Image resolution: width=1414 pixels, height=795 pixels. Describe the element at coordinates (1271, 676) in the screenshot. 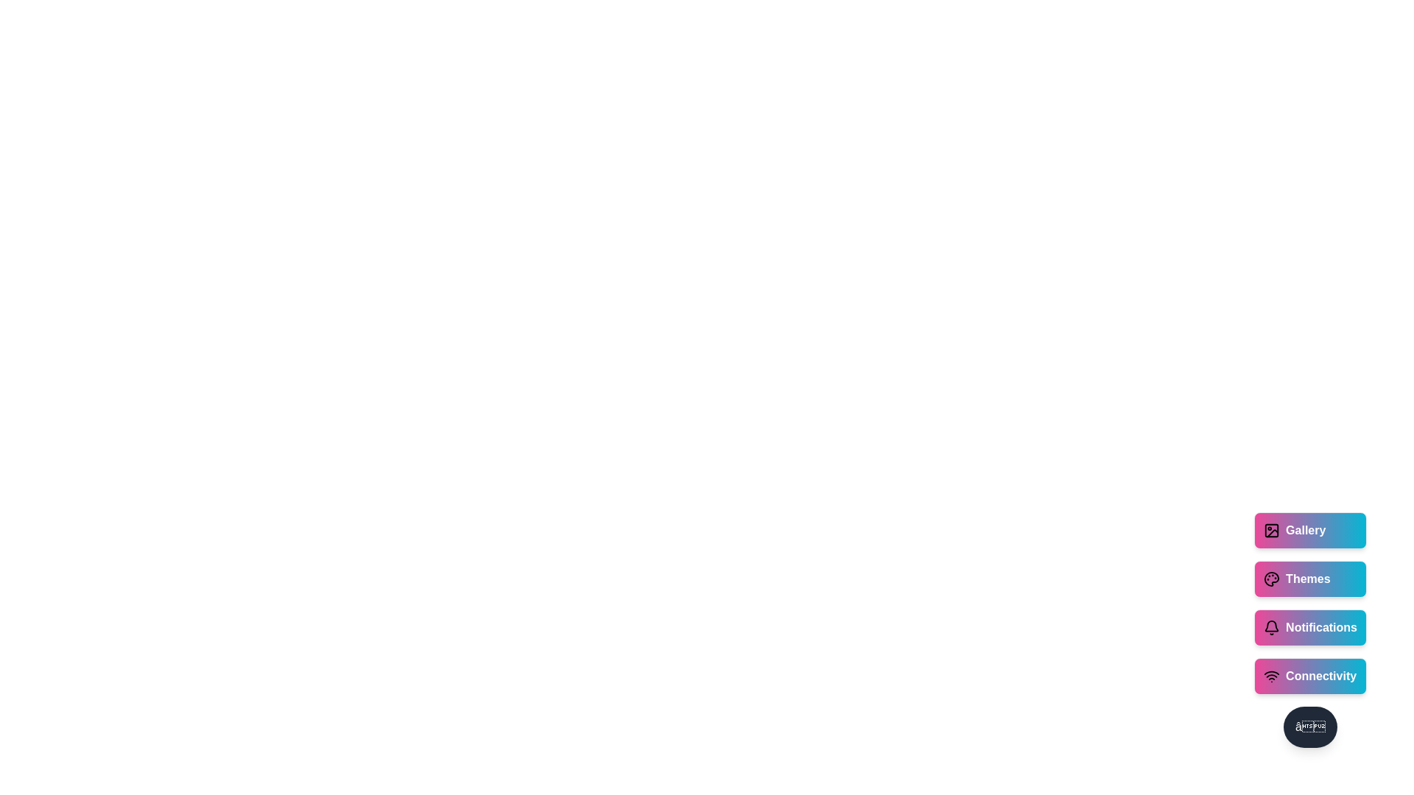

I see `the WiFi icon located at the left side of the 'Connectivity' button` at that location.